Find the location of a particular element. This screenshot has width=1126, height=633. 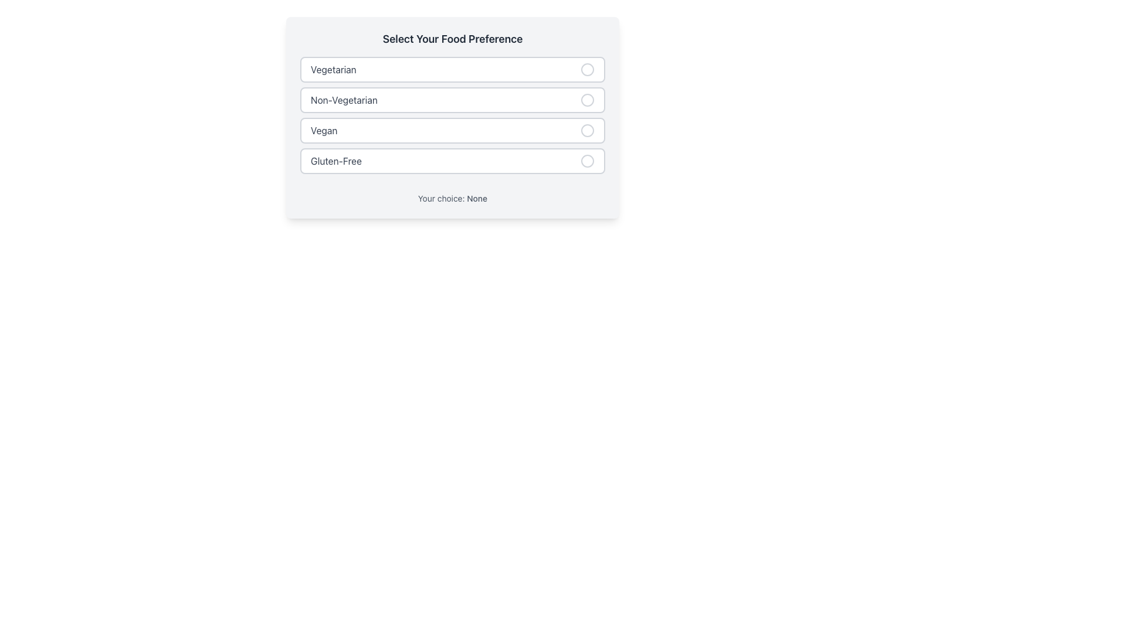

the 'Select Your Food Preference' text label element, which is prominently displayed at the top of a card-styled section is located at coordinates (452, 38).